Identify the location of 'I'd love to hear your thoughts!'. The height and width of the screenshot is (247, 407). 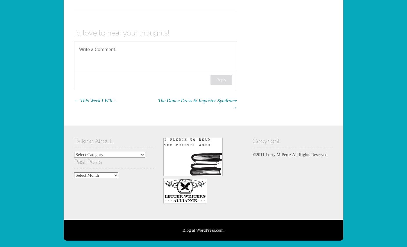
(122, 32).